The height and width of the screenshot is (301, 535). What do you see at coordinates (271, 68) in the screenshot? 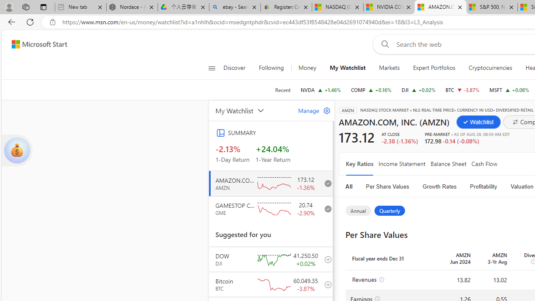
I see `'Following'` at bounding box center [271, 68].